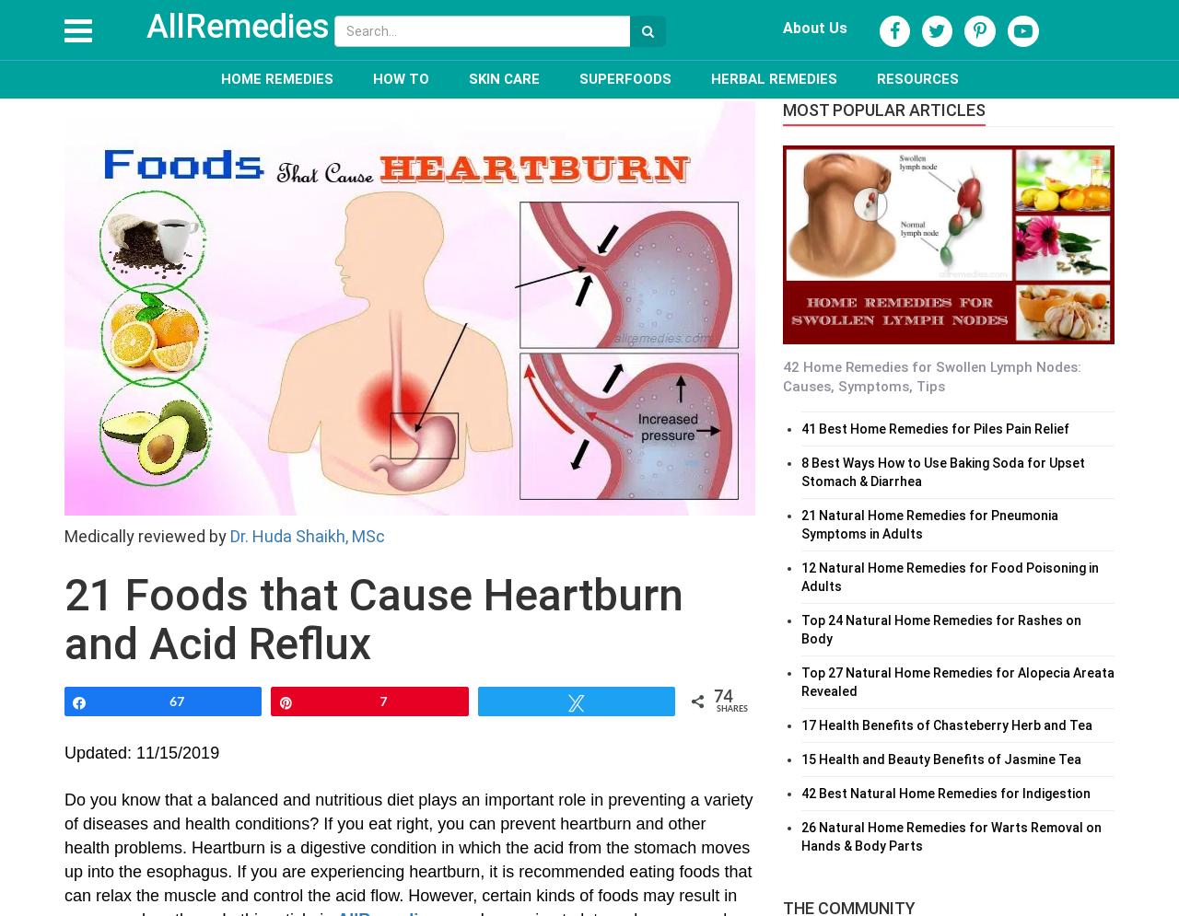 Image resolution: width=1179 pixels, height=916 pixels. Describe the element at coordinates (379, 701) in the screenshot. I see `'7'` at that location.